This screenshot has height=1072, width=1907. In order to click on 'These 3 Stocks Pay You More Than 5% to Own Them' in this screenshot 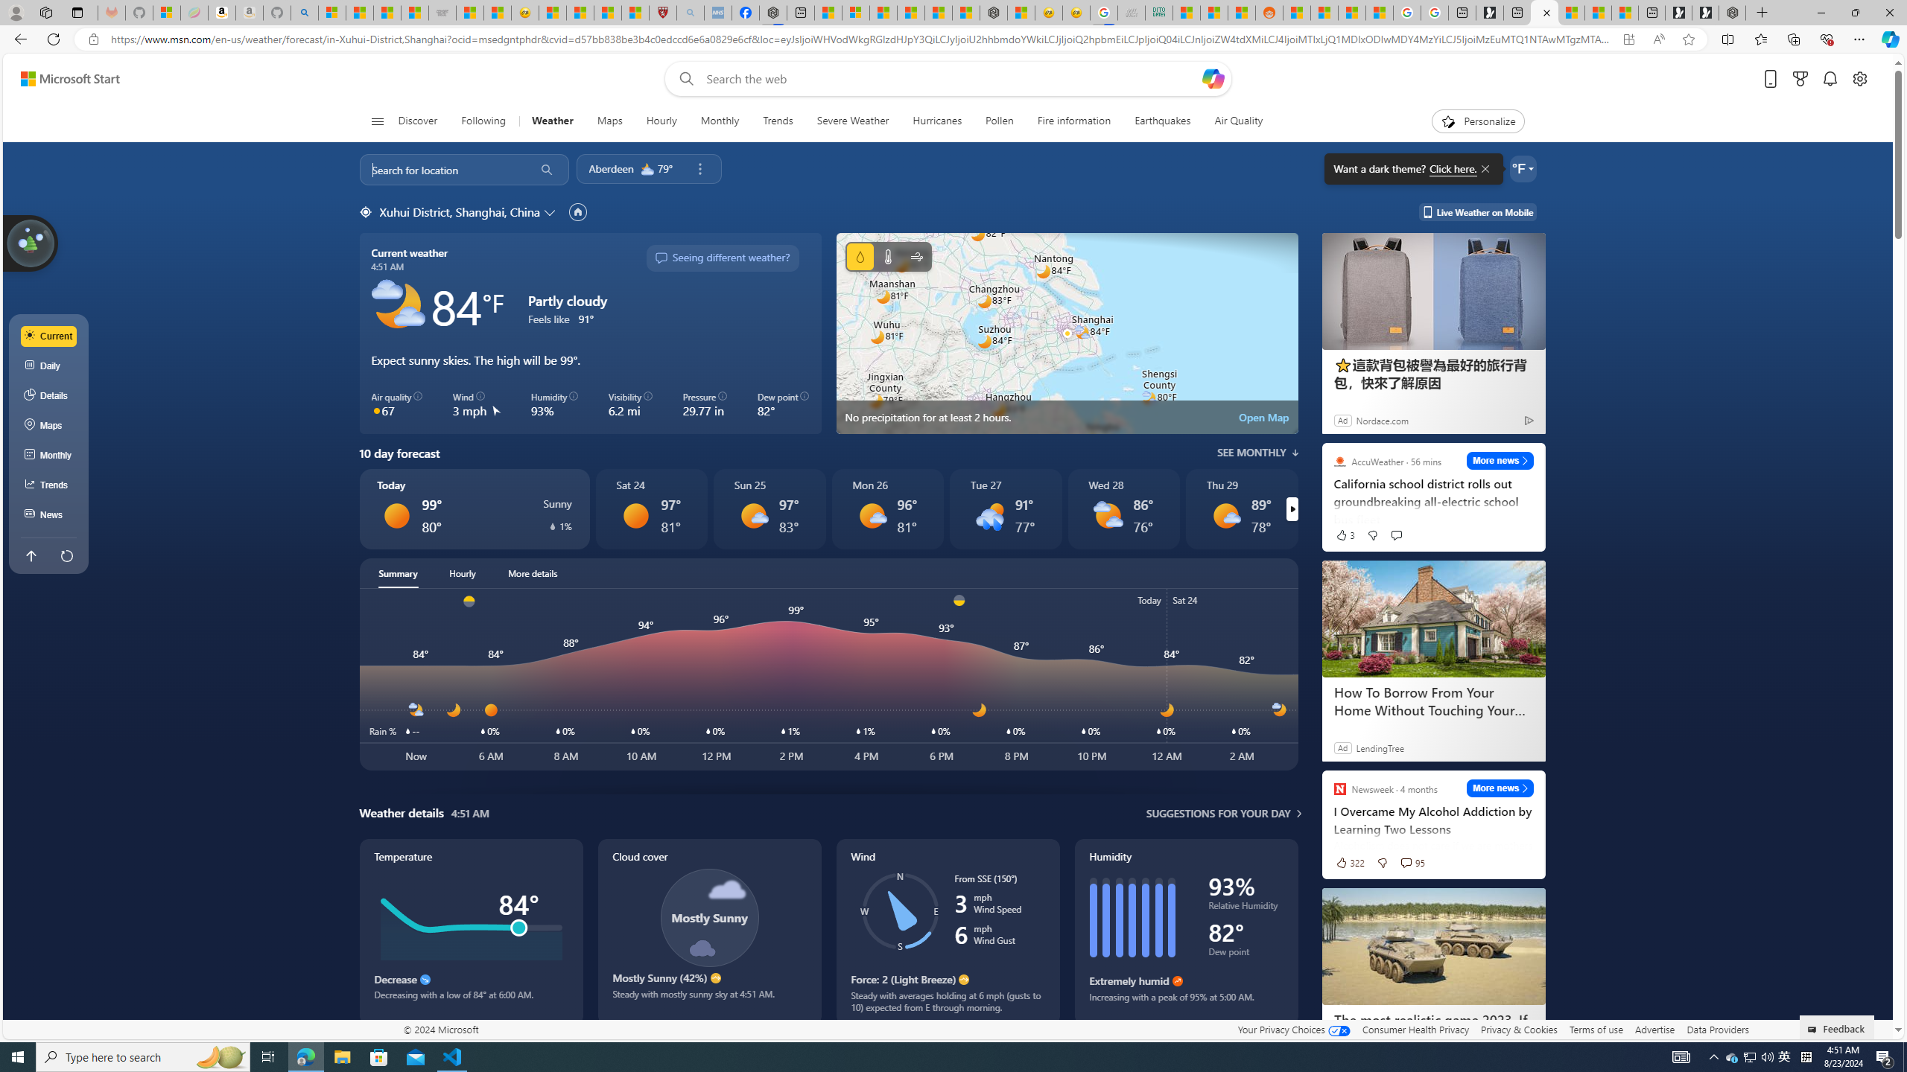, I will do `click(1624, 12)`.